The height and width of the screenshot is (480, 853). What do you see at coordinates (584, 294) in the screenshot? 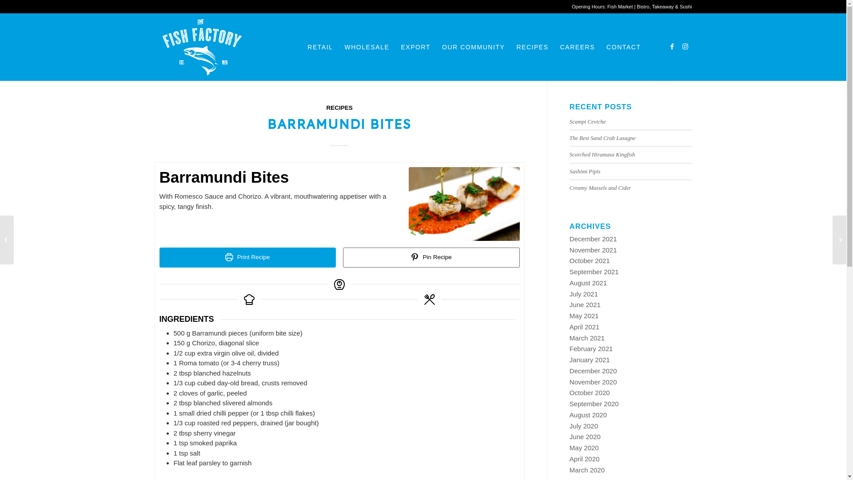
I see `'July 2021'` at bounding box center [584, 294].